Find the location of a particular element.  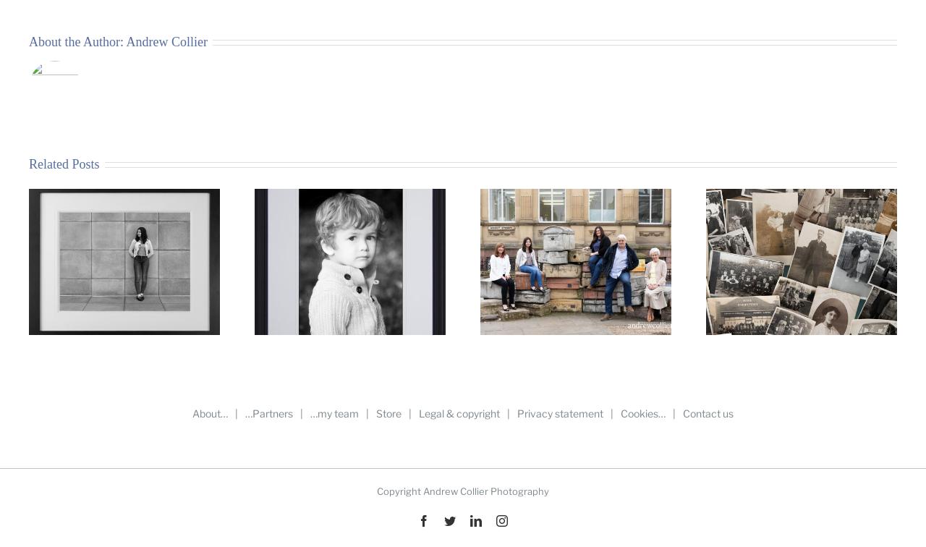

'Cookies…' is located at coordinates (642, 413).